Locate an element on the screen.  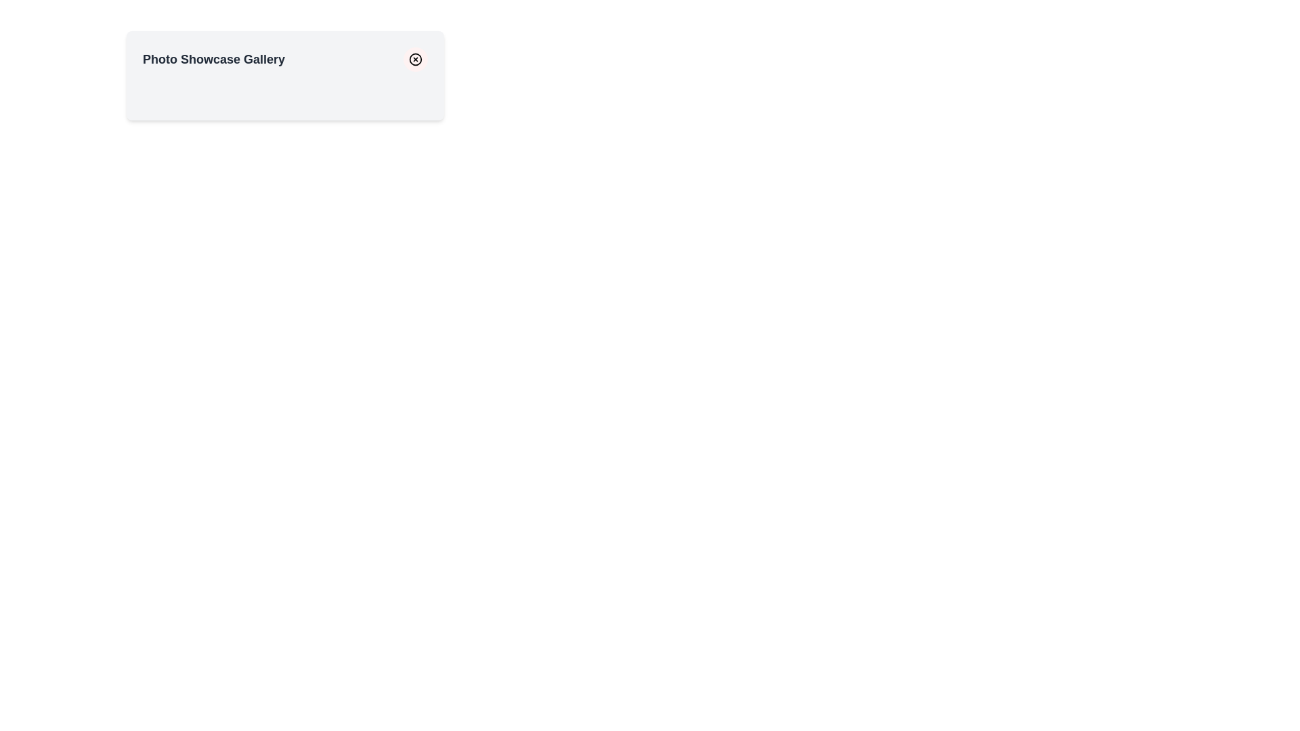
an individual image in the grid layout of the 'Photo Showcase Gallery' for a detailed view is located at coordinates (284, 93).